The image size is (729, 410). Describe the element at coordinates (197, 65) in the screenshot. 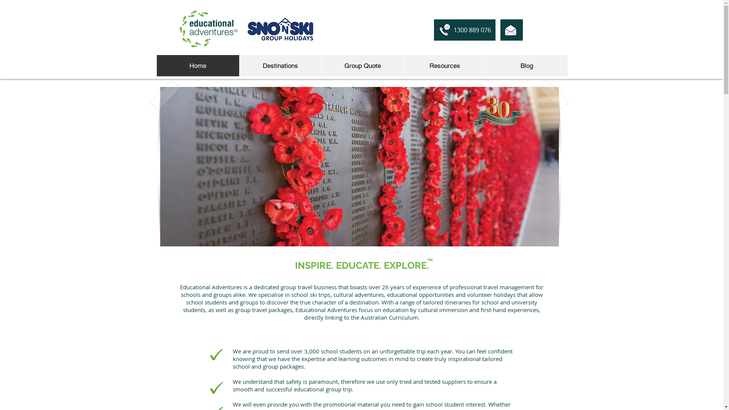

I see `'Home'` at that location.